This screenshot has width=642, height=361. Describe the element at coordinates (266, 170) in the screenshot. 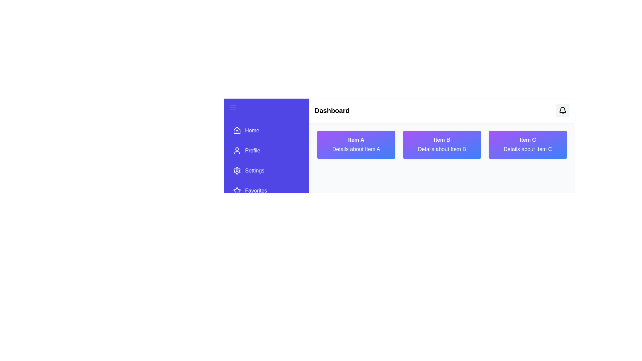

I see `the 'Settings' sidebar menu item, which is the third item in the vertical menu` at that location.